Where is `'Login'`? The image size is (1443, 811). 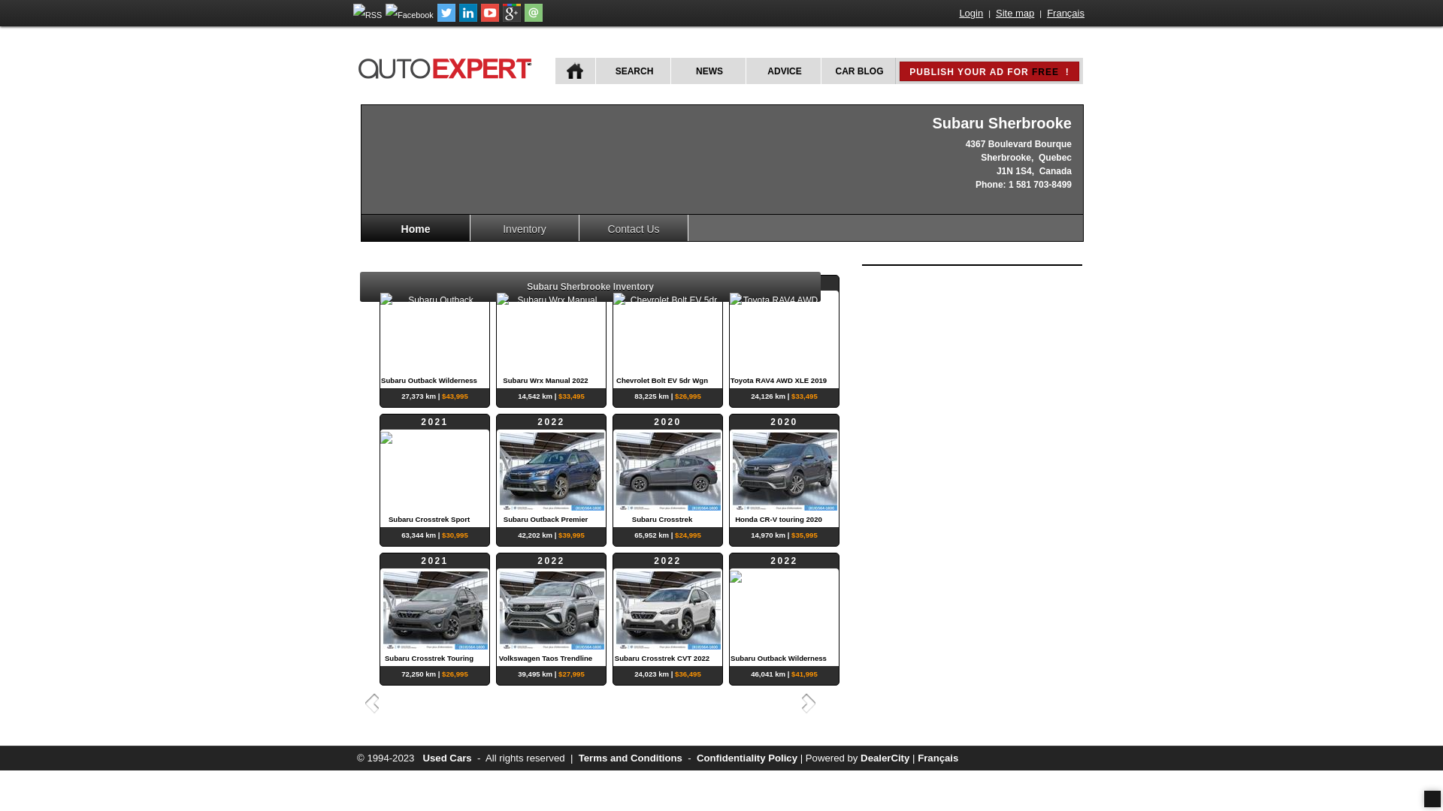 'Login' is located at coordinates (970, 13).